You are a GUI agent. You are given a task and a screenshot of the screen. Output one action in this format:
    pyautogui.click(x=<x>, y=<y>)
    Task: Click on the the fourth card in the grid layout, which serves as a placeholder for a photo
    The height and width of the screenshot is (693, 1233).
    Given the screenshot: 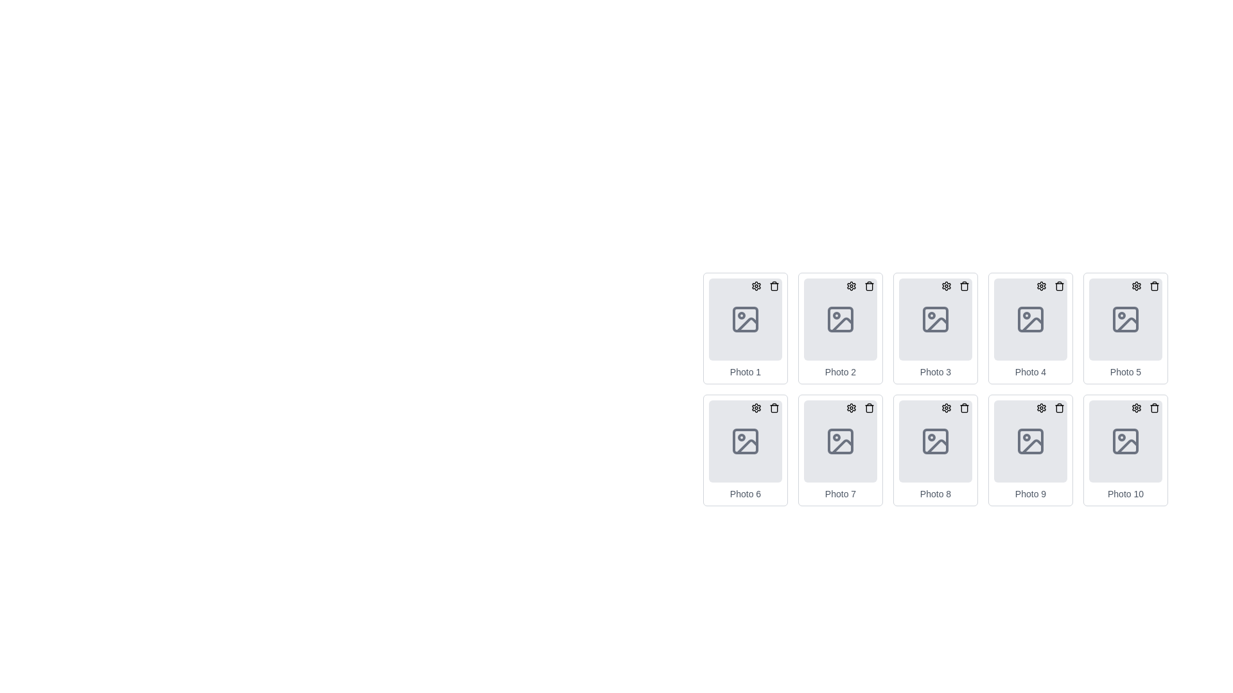 What is the action you would take?
    pyautogui.click(x=1030, y=328)
    